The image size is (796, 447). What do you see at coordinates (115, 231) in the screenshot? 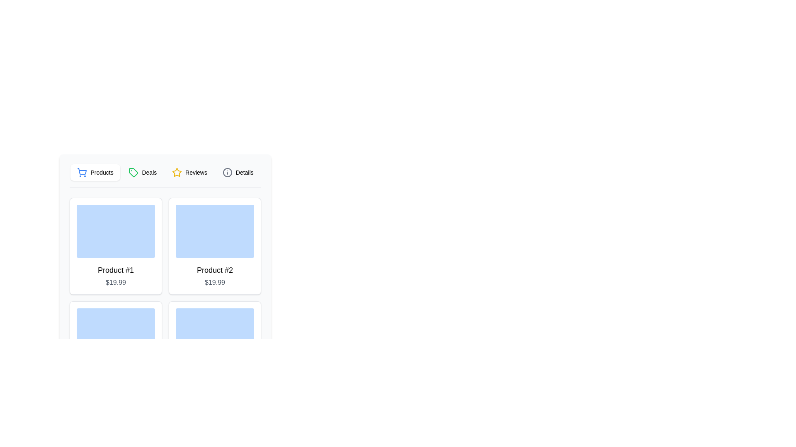
I see `the visual placeholder with a light blue background and rounded corners, located above 'Product #1' and '$19.99'` at bounding box center [115, 231].